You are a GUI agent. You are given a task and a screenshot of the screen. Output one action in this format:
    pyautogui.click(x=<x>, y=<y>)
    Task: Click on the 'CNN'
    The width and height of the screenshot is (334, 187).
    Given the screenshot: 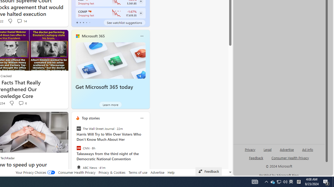 What is the action you would take?
    pyautogui.click(x=78, y=148)
    